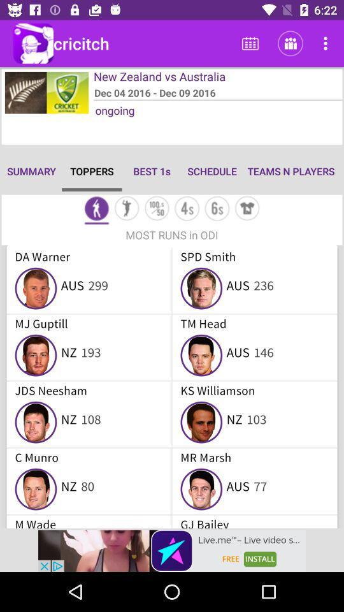 This screenshot has width=344, height=612. What do you see at coordinates (247, 210) in the screenshot?
I see `hide button` at bounding box center [247, 210].